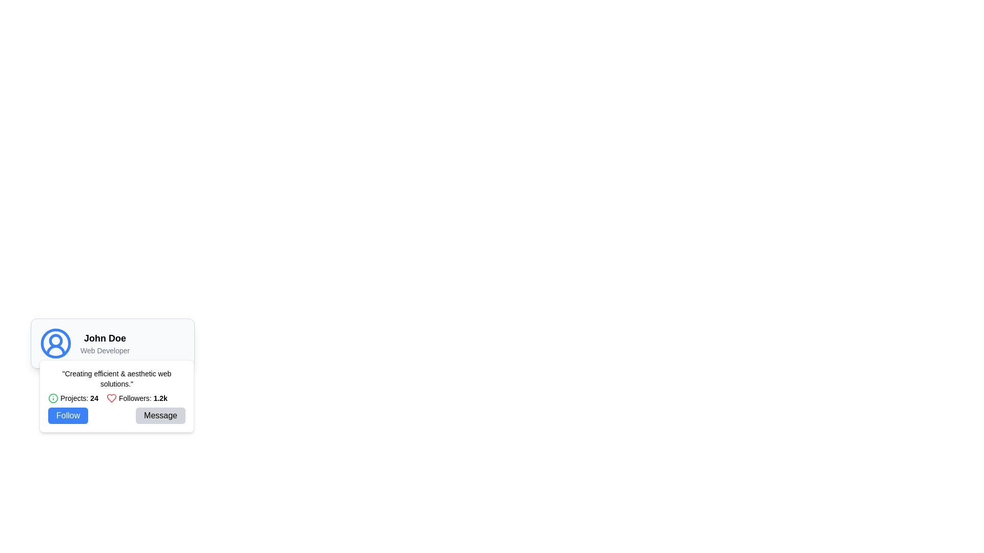 This screenshot has width=984, height=553. I want to click on the content in the Text Display Box located in the lower section of the user profile card, positioned beneath the header and above the interaction buttons, so click(116, 396).